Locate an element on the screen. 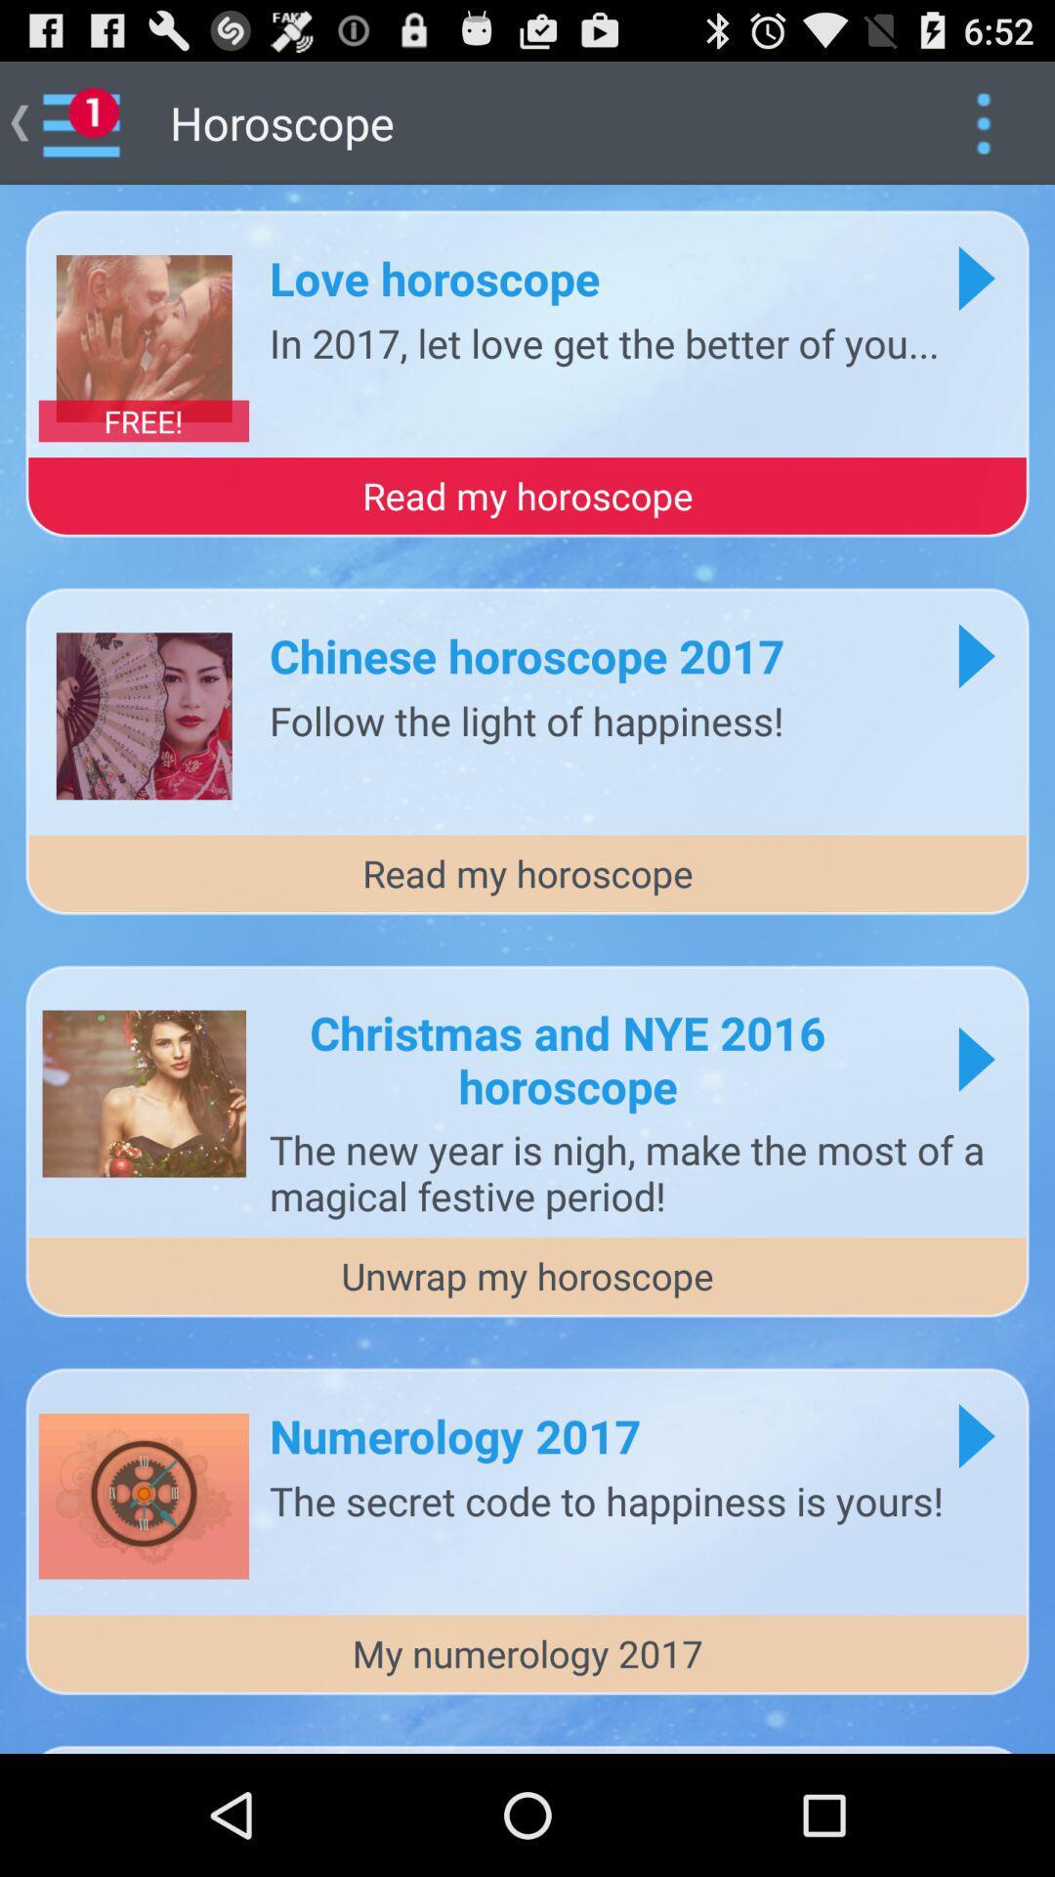  follow the light icon is located at coordinates (526, 719).